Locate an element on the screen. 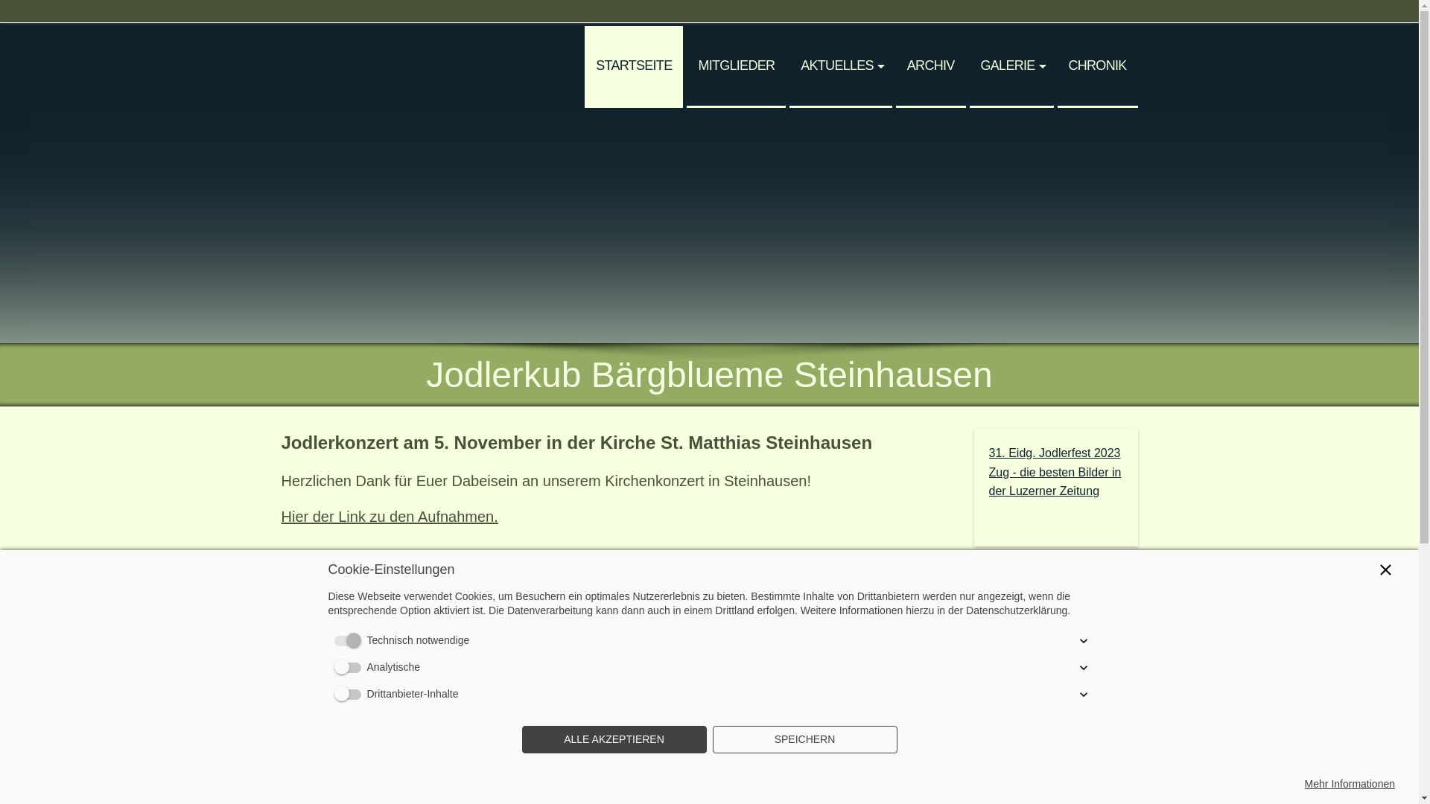  'MITGLIEDER' is located at coordinates (736, 66).